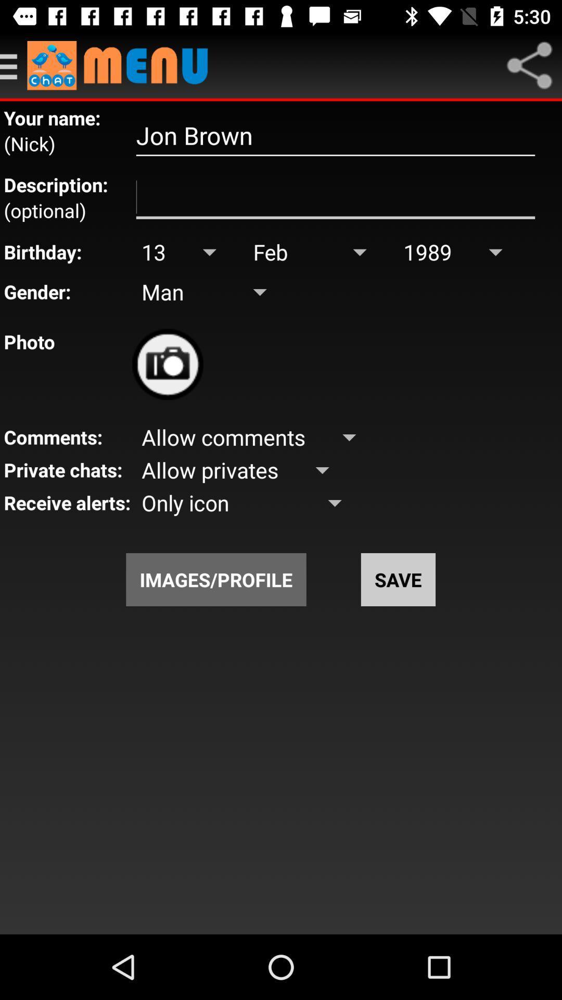 The image size is (562, 1000). I want to click on take profile photo, so click(167, 364).